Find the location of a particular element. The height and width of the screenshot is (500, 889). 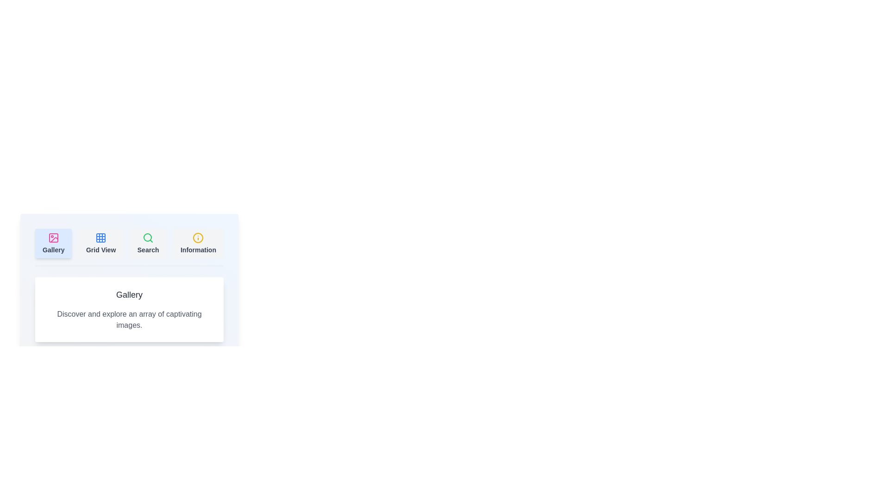

the tab labeled Gallery by clicking on its button is located at coordinates (53, 243).